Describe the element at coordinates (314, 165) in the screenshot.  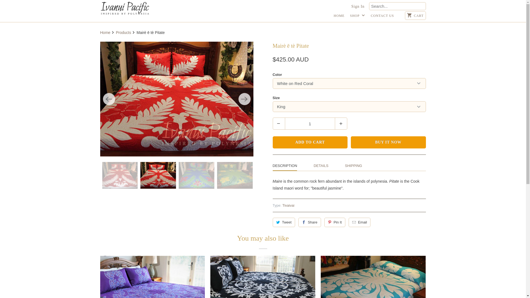
I see `'DETAILS'` at that location.